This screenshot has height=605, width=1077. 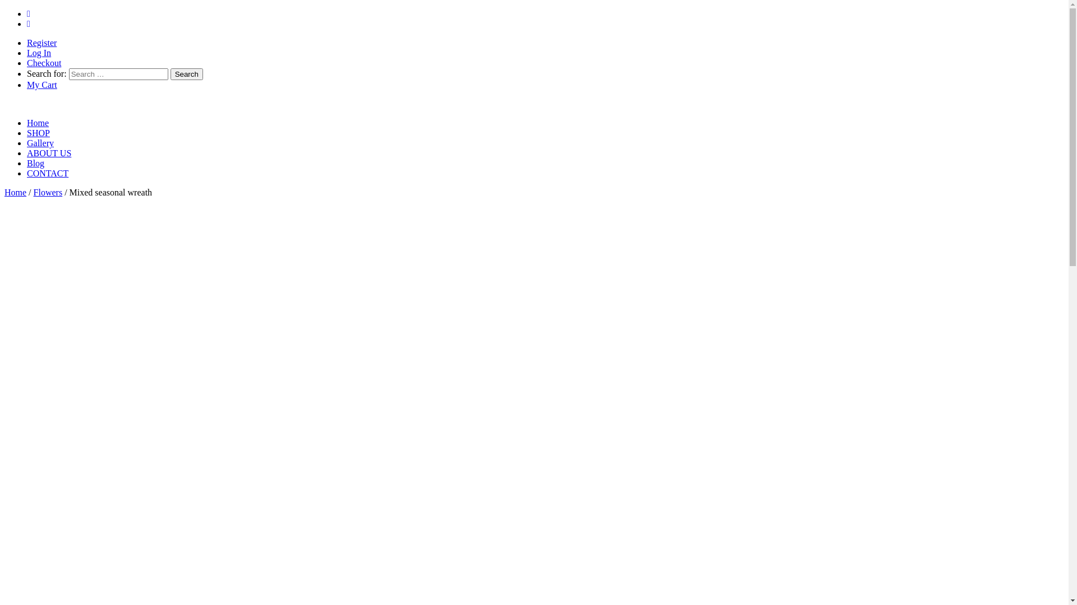 I want to click on 'Blog', so click(x=35, y=163).